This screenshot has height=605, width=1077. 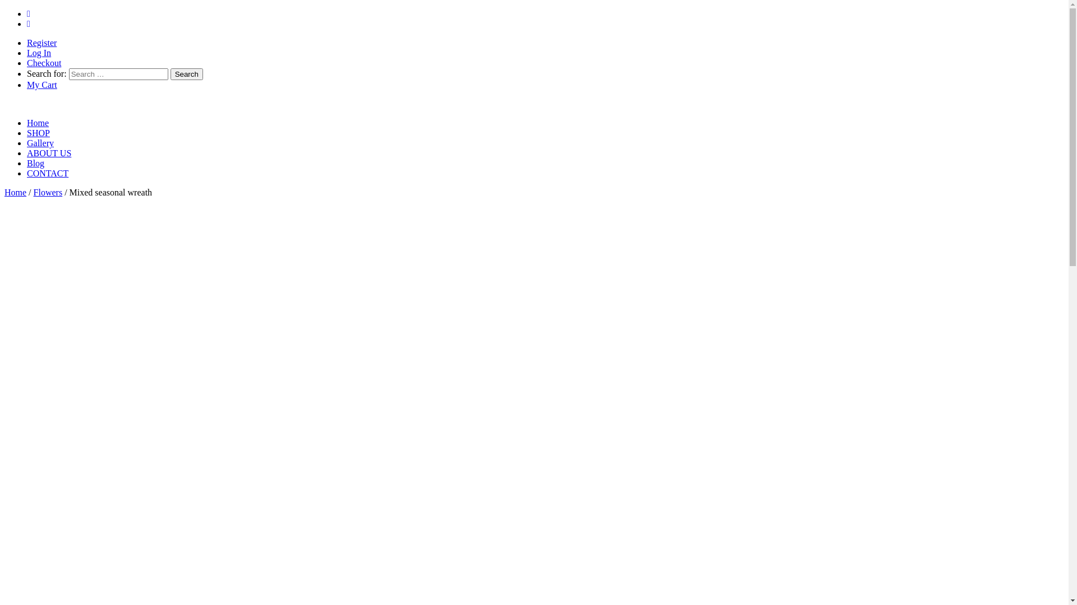 I want to click on 'Blog', so click(x=35, y=163).